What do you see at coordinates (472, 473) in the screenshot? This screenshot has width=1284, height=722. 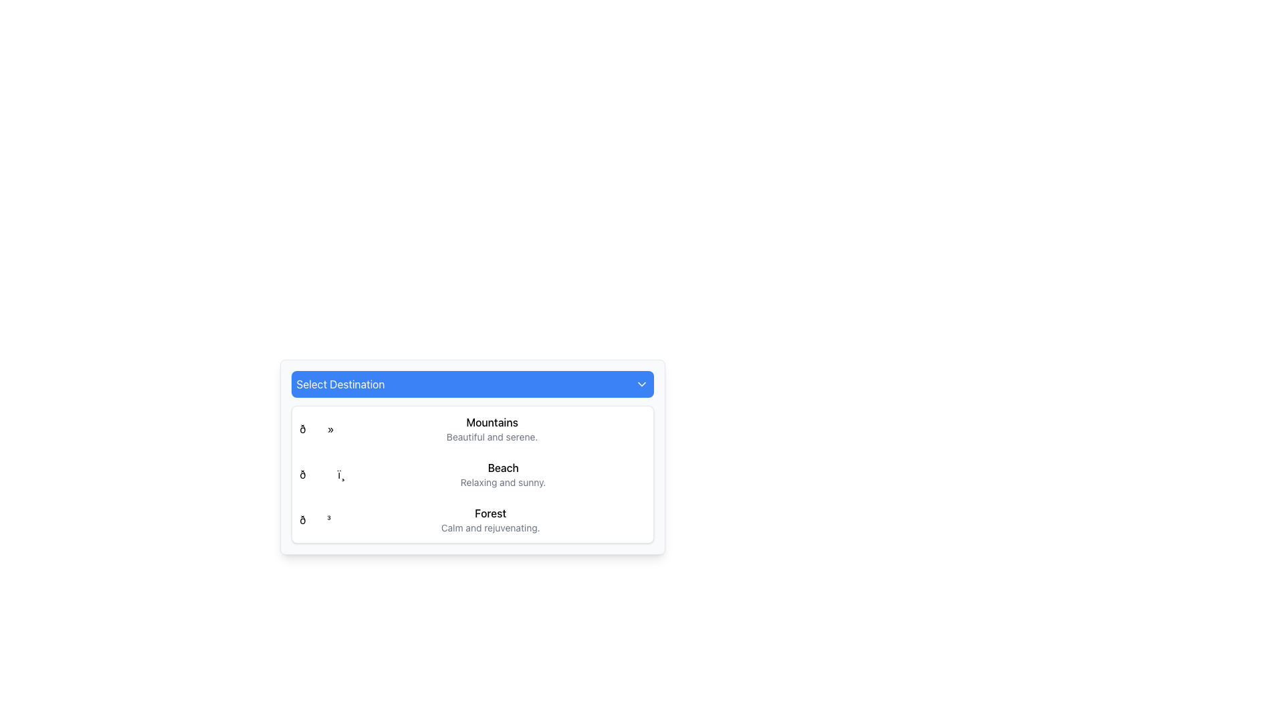 I see `the second list item for the beach destination, which is displayed below the 'Select Destination' header and follows the 'Mountains' option` at bounding box center [472, 473].